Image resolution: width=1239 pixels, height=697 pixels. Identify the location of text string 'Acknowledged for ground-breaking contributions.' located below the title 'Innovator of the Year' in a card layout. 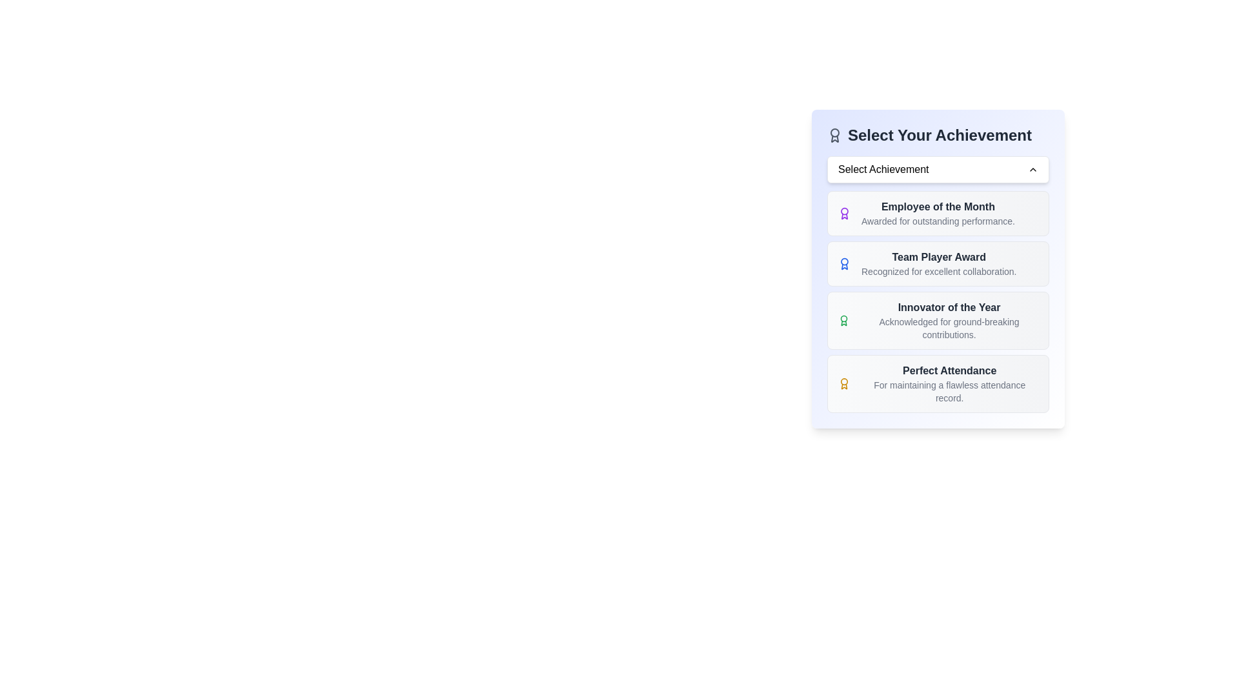
(949, 328).